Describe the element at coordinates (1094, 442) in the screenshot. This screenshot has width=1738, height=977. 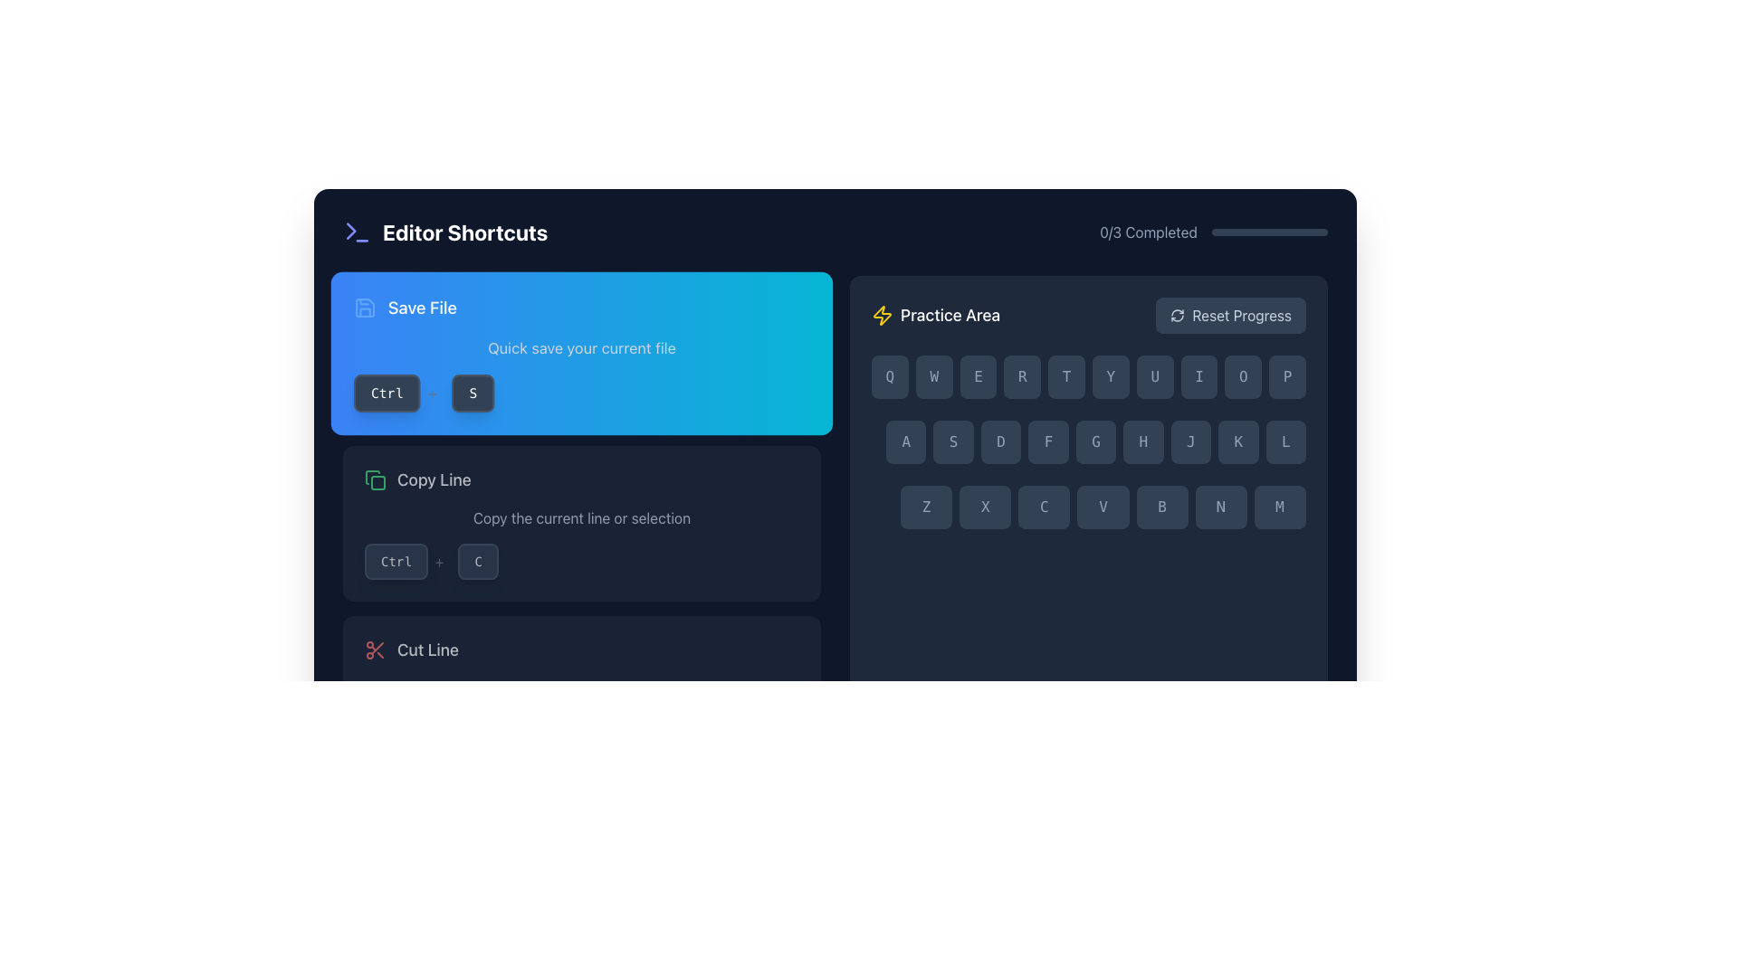
I see `the button labeled 'G' in the Practice Area section, which is styled in dark blue with light gray text and is the fifth button in a row of nine buttons` at that location.